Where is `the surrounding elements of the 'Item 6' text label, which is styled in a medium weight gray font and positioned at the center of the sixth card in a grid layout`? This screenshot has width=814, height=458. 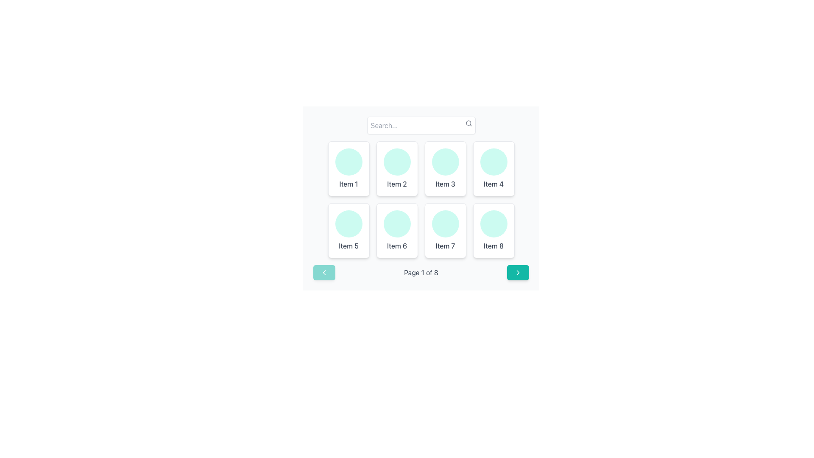 the surrounding elements of the 'Item 6' text label, which is styled in a medium weight gray font and positioned at the center of the sixth card in a grid layout is located at coordinates (396, 246).